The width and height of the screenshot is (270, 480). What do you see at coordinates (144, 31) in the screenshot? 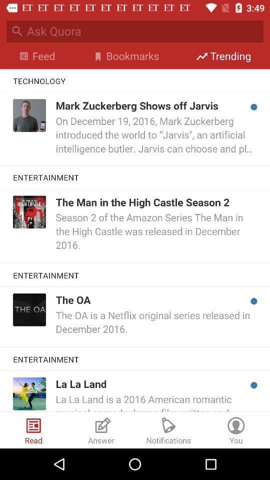
I see `text field` at bounding box center [144, 31].